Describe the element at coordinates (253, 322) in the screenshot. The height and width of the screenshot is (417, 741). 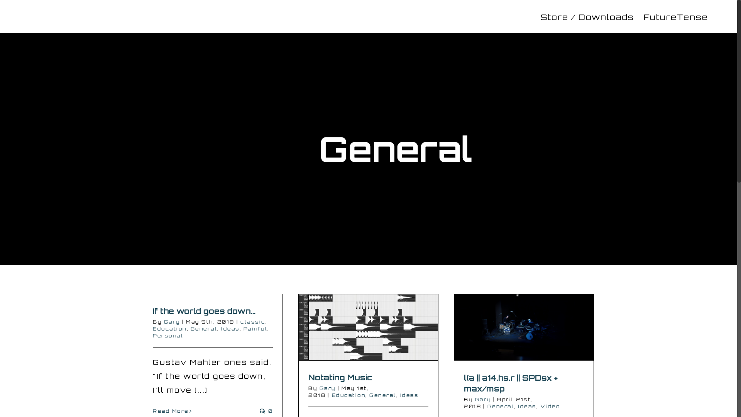
I see `'classic'` at that location.